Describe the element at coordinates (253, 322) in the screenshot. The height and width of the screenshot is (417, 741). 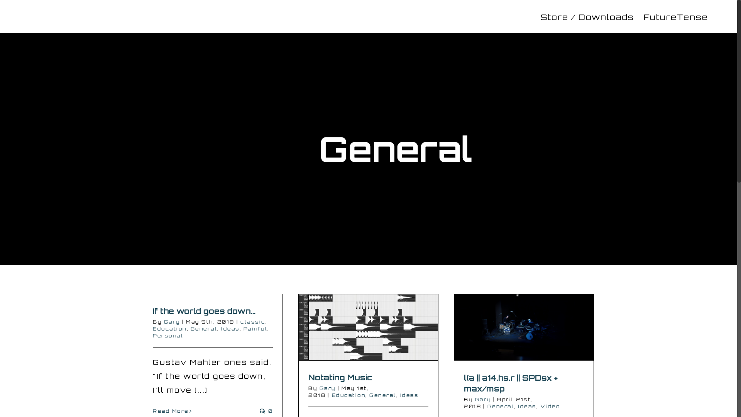
I see `'classic'` at that location.